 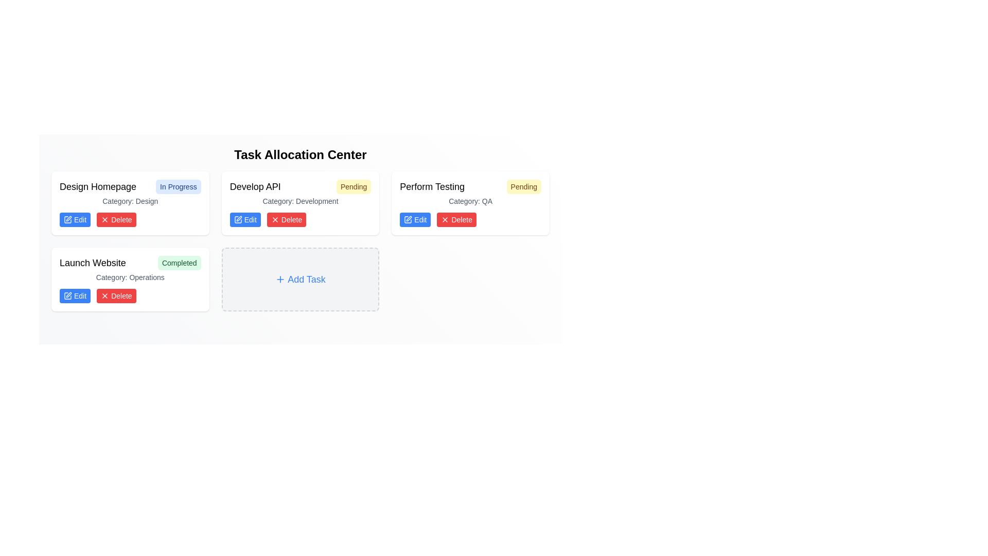 I want to click on the text label that describes the category of the task, positioned below the header 'Launch Website Completed' and above the 'Edit' and 'Delete' buttons within the 'Launch Website' task box, so click(x=130, y=277).